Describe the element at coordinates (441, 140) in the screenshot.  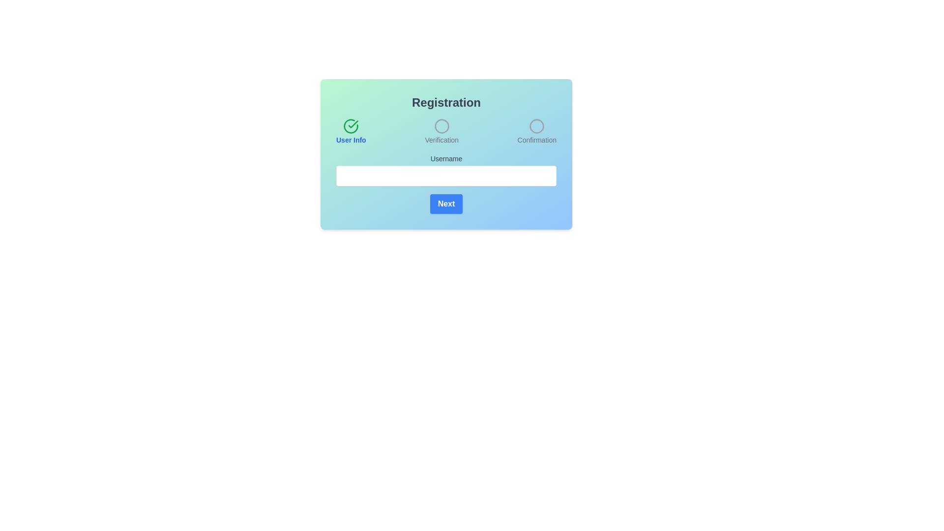
I see `the text label displaying 'Verification', which is styled in gray and positioned as part of a step indicator in the registration form` at that location.